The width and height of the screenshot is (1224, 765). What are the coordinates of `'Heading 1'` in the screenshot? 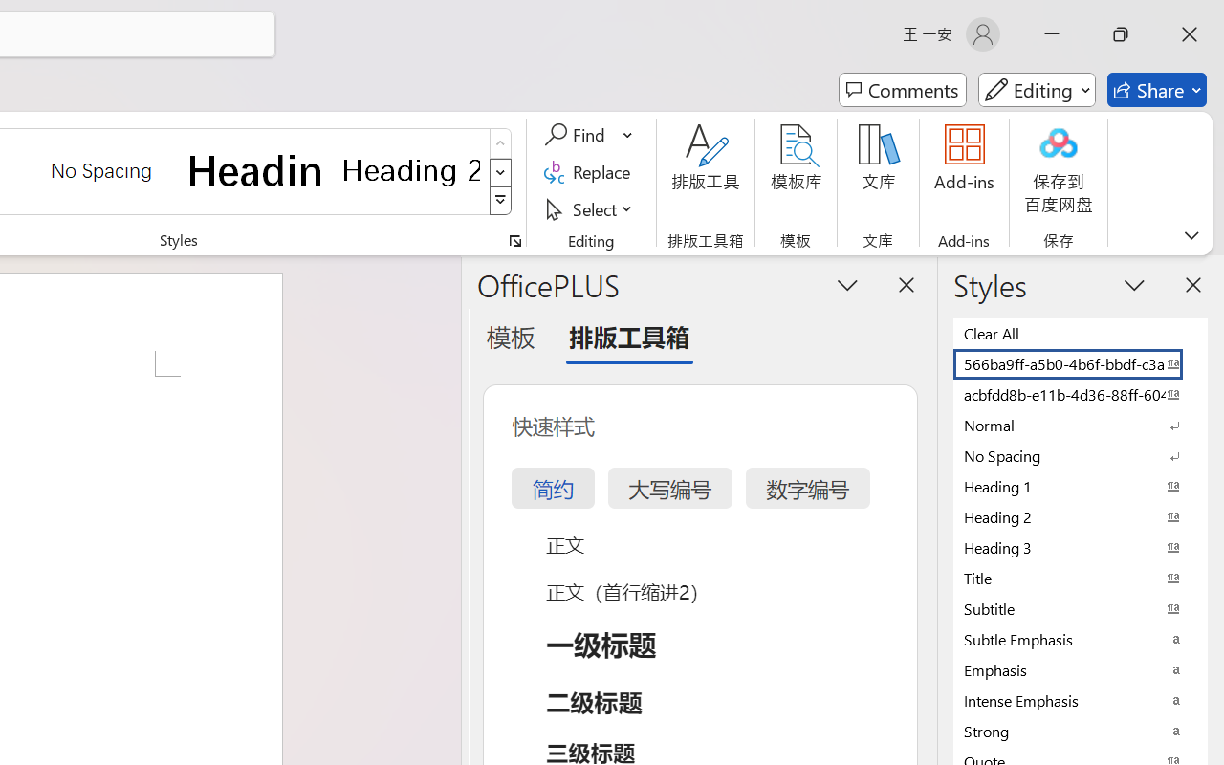 It's located at (255, 169).